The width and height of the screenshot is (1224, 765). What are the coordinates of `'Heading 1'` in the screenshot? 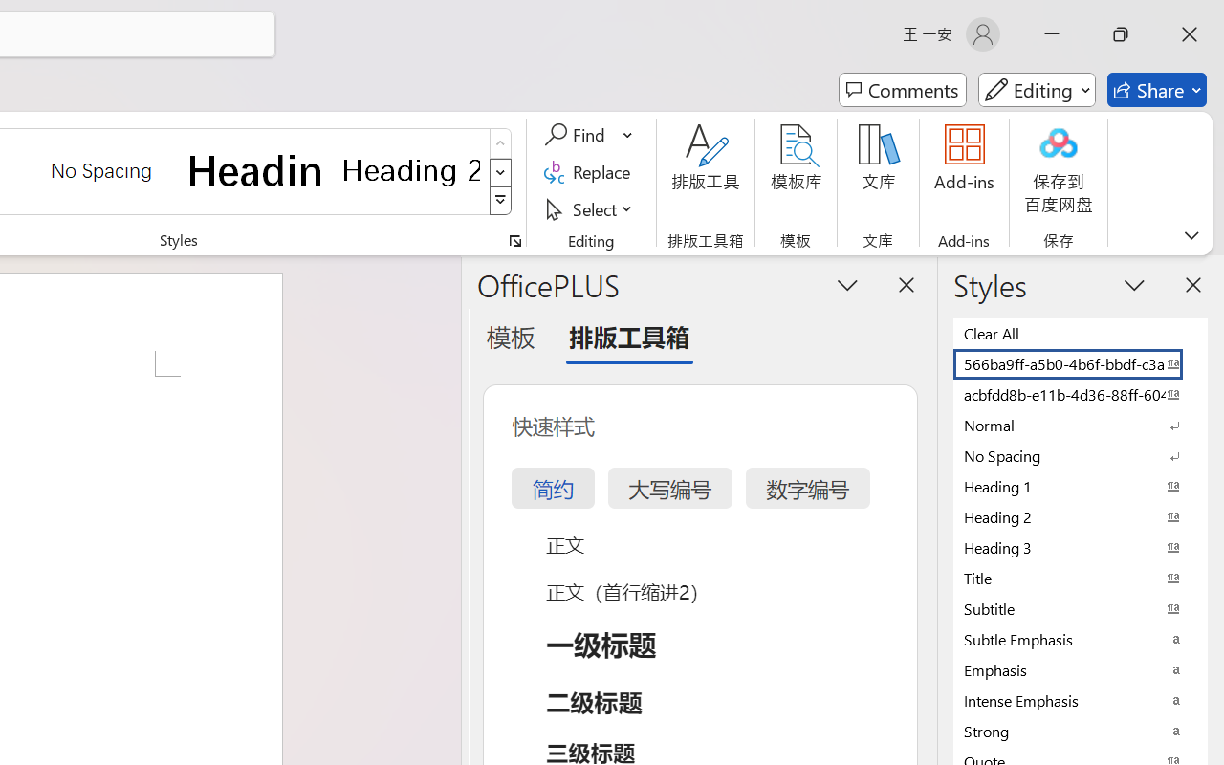 It's located at (255, 169).